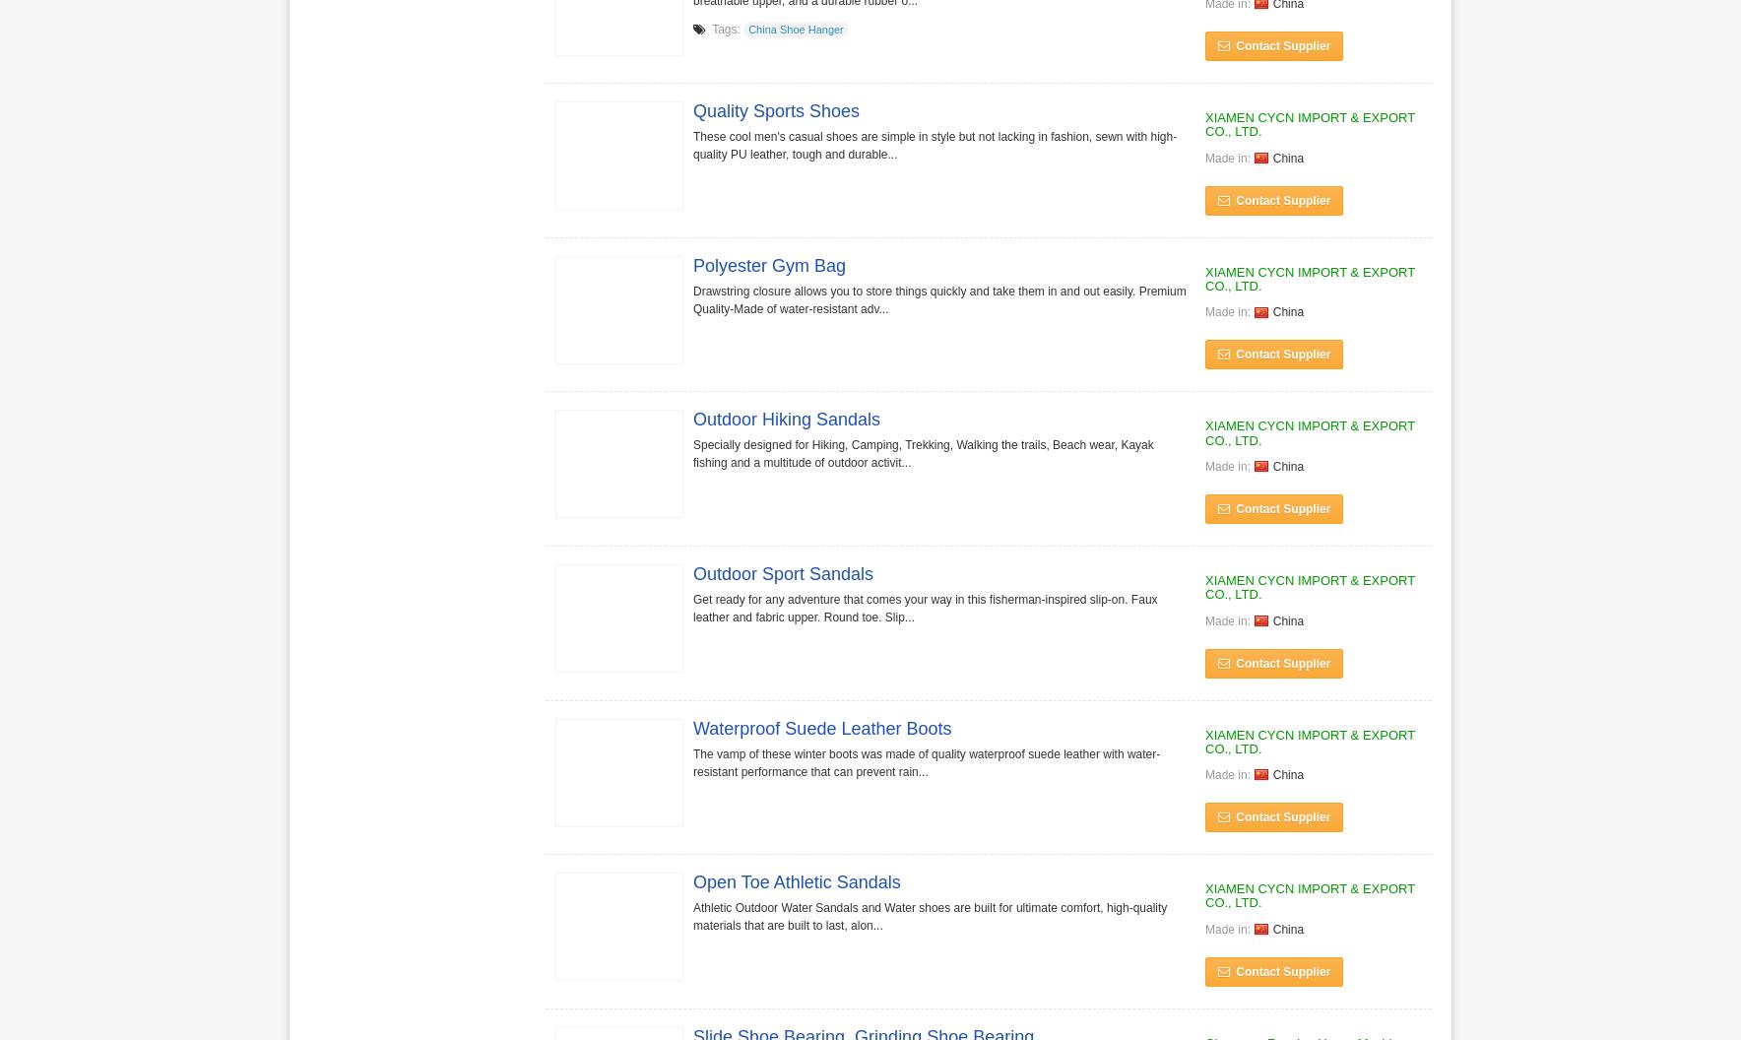 The width and height of the screenshot is (1741, 1040). What do you see at coordinates (783, 572) in the screenshot?
I see `'Outdoor Sport Sandals'` at bounding box center [783, 572].